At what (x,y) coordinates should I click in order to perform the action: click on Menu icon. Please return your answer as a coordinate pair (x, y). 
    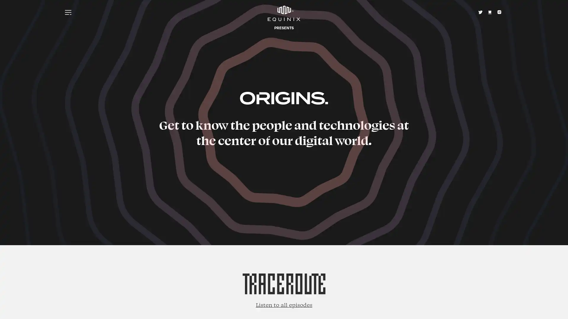
    Looking at the image, I should click on (68, 12).